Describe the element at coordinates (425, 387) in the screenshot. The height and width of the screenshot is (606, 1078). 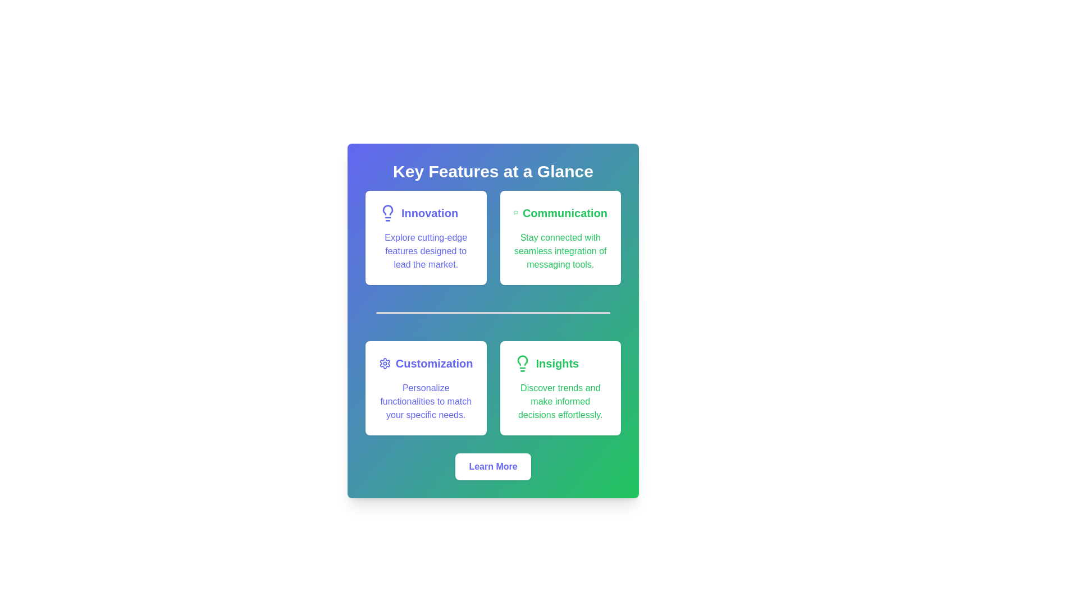
I see `the 'Customization' feature card located in the lower-left quadrant of the grid` at that location.